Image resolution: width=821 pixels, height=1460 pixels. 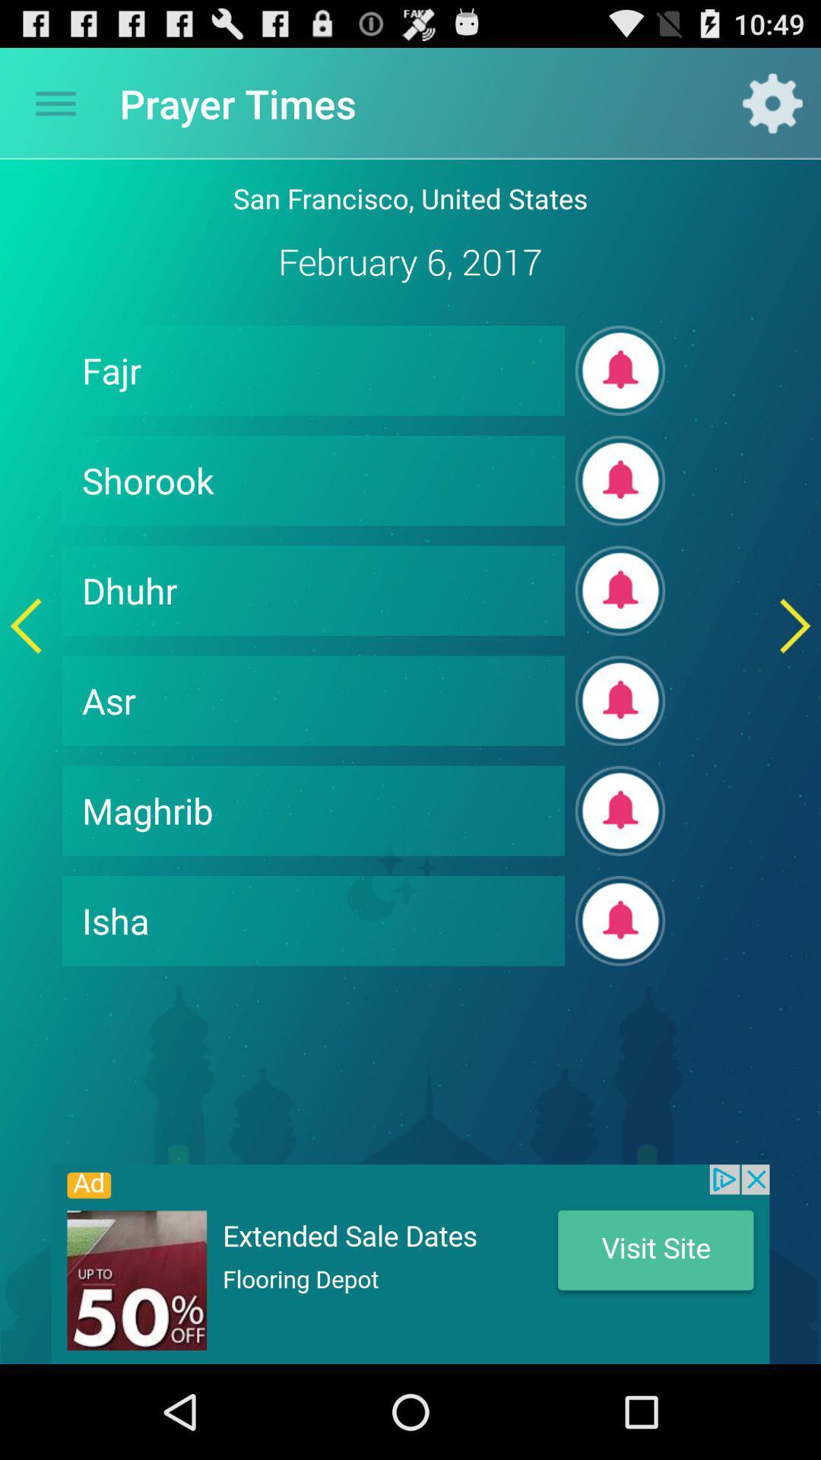 What do you see at coordinates (26, 669) in the screenshot?
I see `the arrow_backward icon` at bounding box center [26, 669].